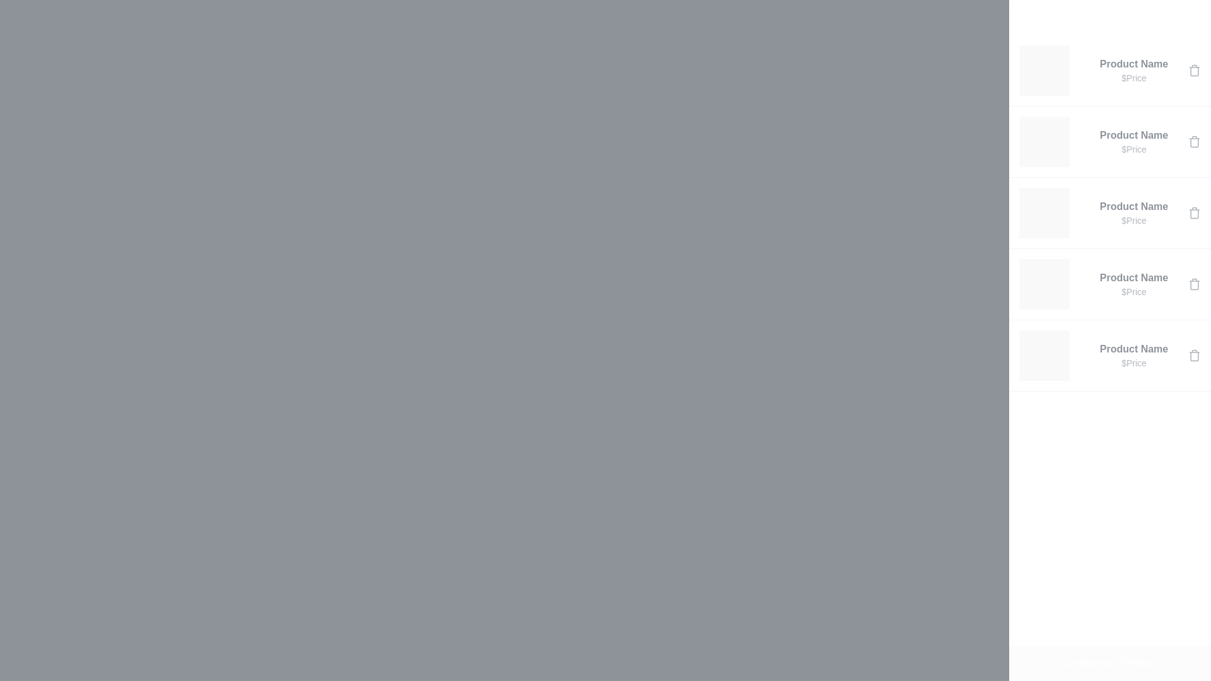 The width and height of the screenshot is (1211, 681). Describe the element at coordinates (1194, 141) in the screenshot. I see `the delete icon located at the far right of the item in the vertical list` at that location.